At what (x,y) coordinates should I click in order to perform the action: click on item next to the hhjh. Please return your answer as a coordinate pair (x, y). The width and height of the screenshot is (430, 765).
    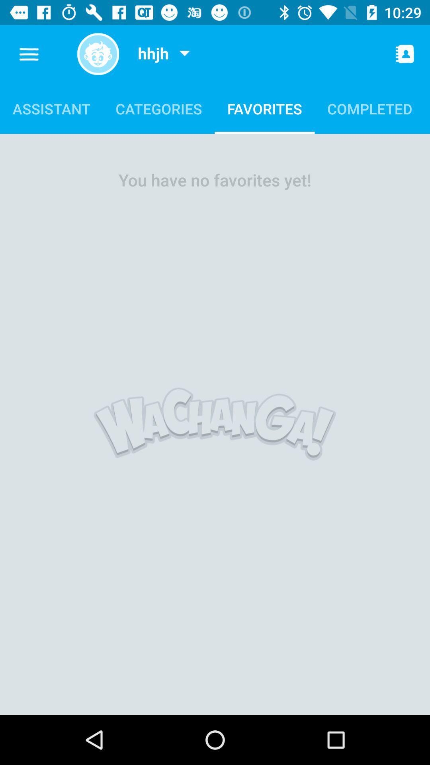
    Looking at the image, I should click on (184, 54).